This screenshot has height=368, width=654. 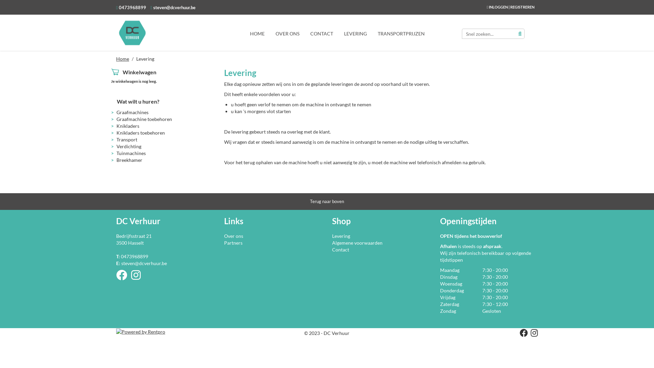 What do you see at coordinates (372, 33) in the screenshot?
I see `'TRANSPORTPRIJZEN'` at bounding box center [372, 33].